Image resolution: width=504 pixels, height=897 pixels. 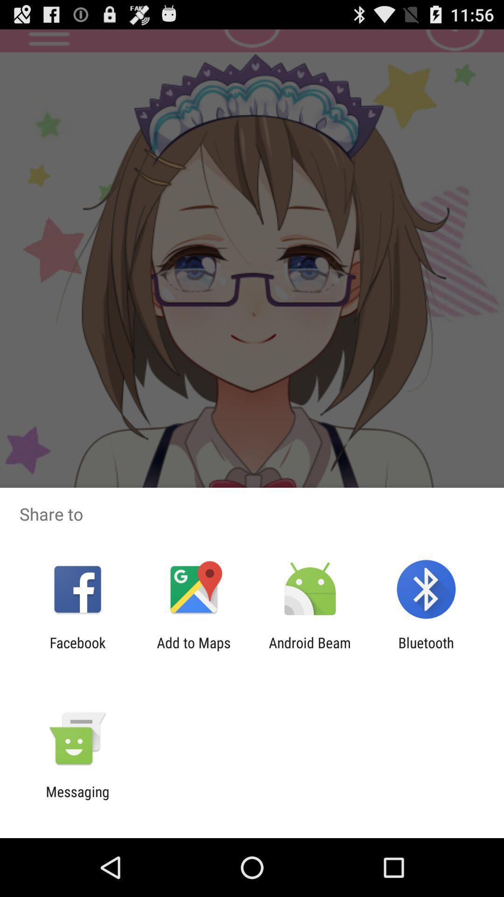 I want to click on the app next to add to maps, so click(x=310, y=650).